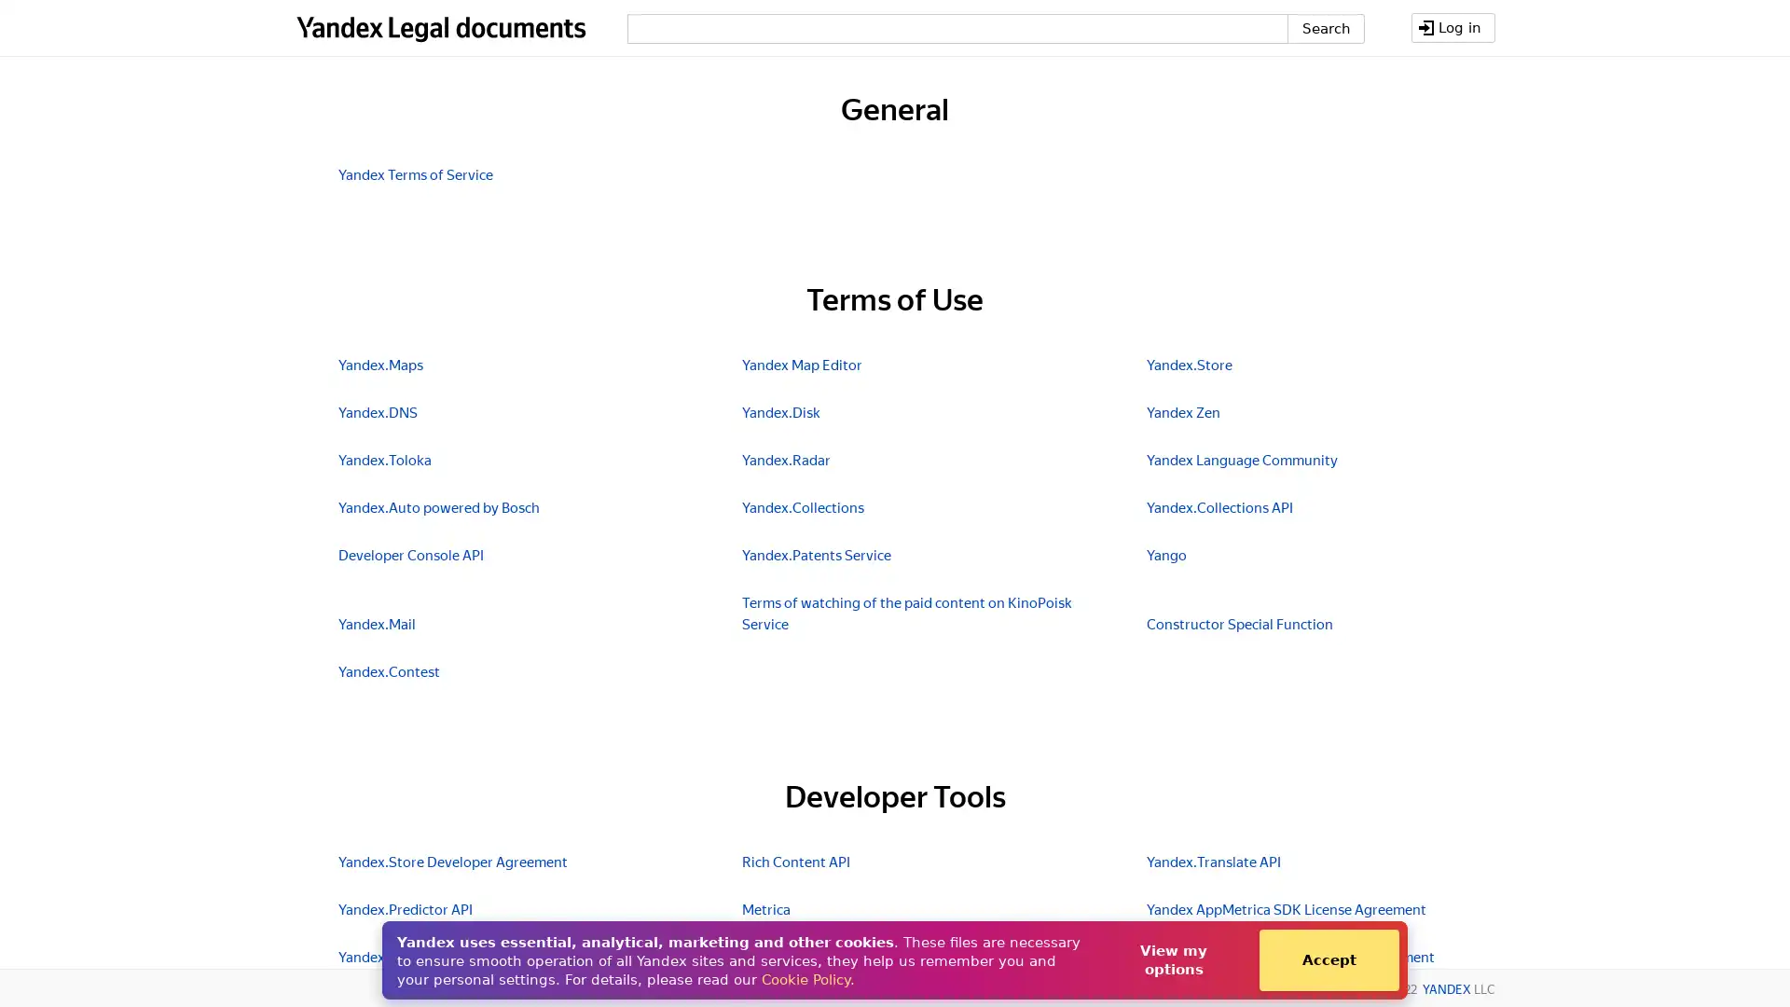 This screenshot has height=1007, width=1790. I want to click on View my options, so click(1172, 959).